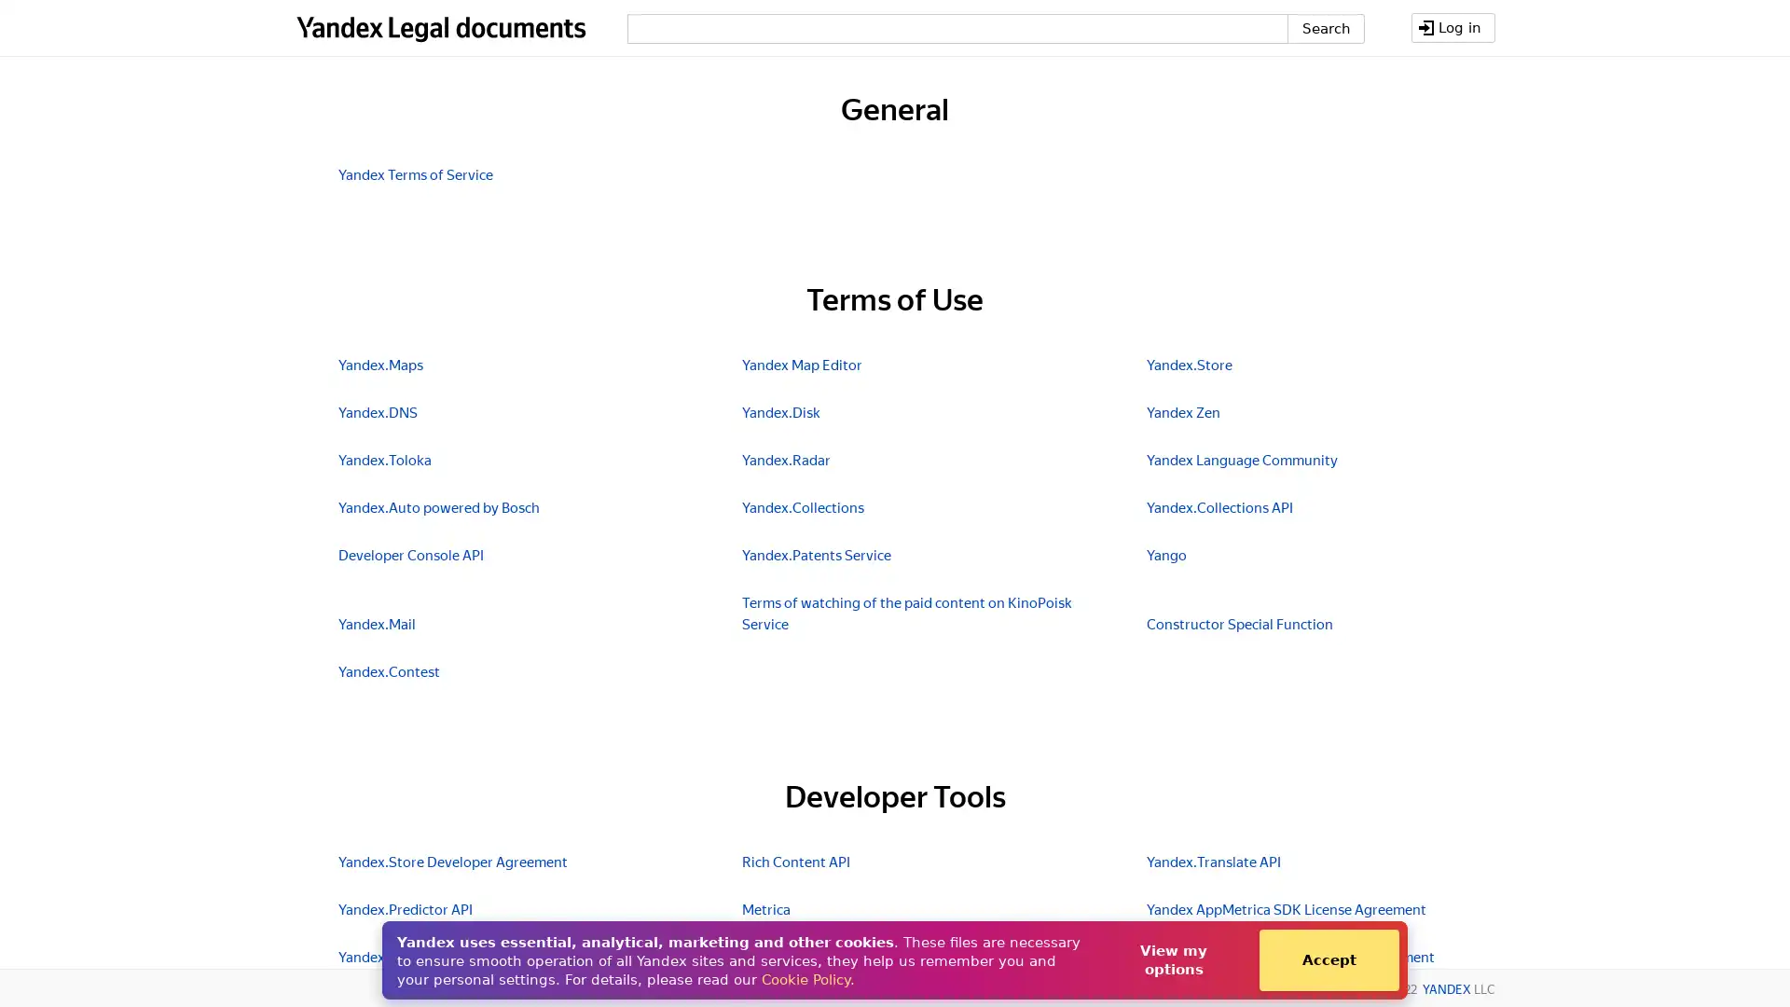 This screenshot has height=1007, width=1790. I want to click on View my options, so click(1172, 959).